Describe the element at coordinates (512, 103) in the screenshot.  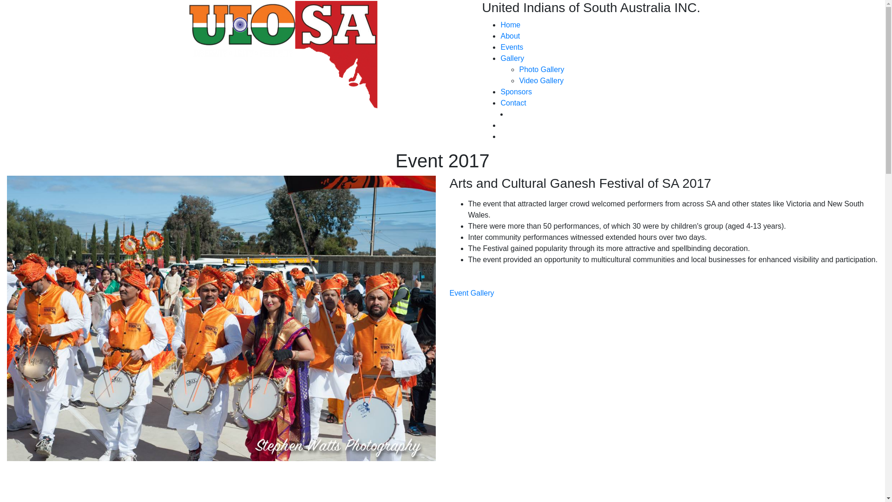
I see `'Contact'` at that location.